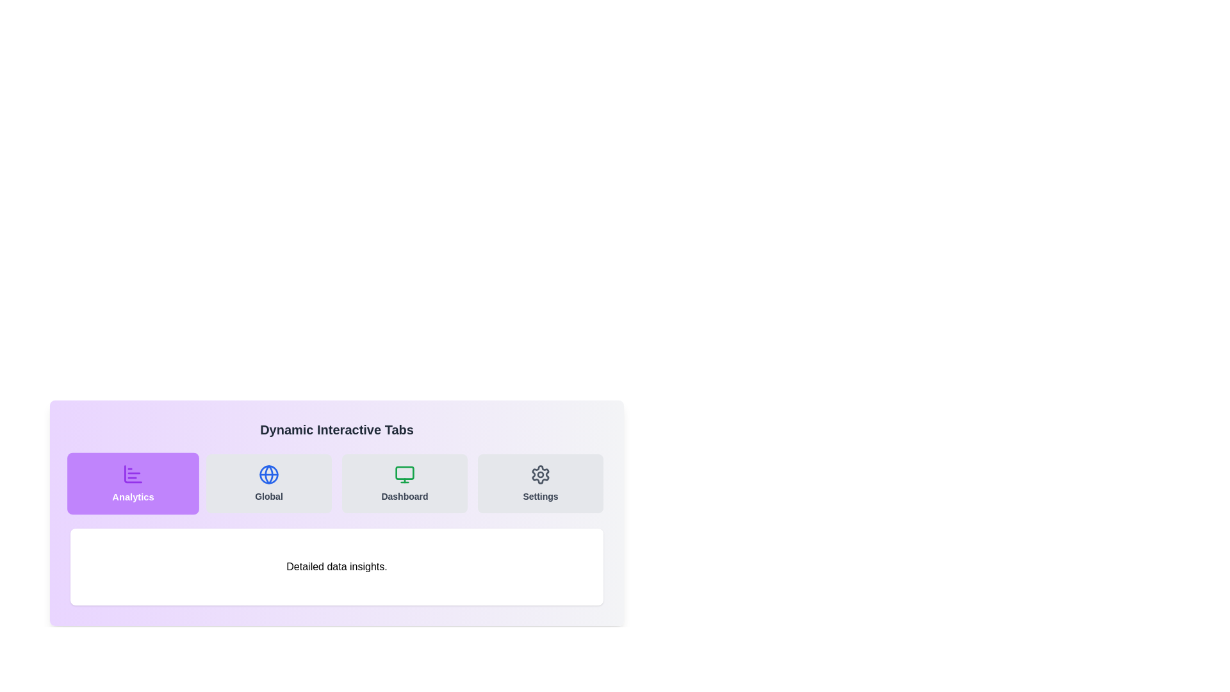  Describe the element at coordinates (133, 474) in the screenshot. I see `the leftmost bar of the purple-themed bar chart icon representing the active 'Analytics' tab` at that location.